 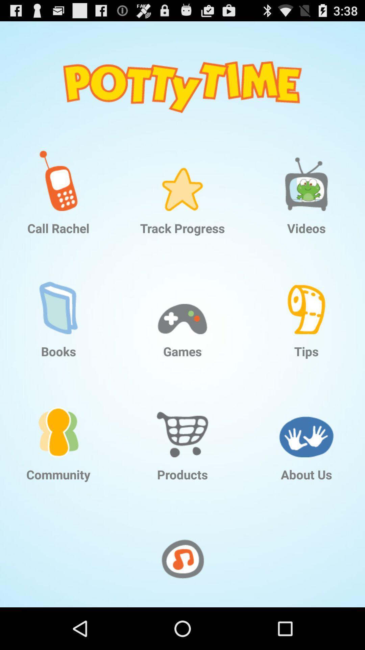 What do you see at coordinates (306, 298) in the screenshot?
I see `icon below videos` at bounding box center [306, 298].